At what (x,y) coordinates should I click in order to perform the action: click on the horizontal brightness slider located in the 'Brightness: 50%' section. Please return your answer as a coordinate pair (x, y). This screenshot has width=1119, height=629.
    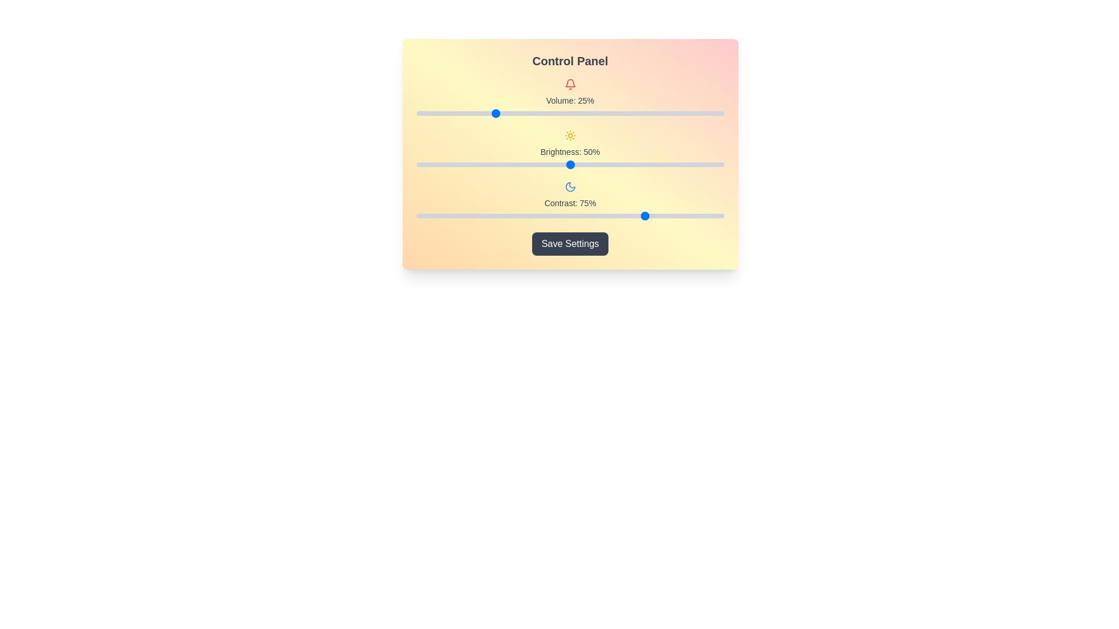
    Looking at the image, I should click on (570, 164).